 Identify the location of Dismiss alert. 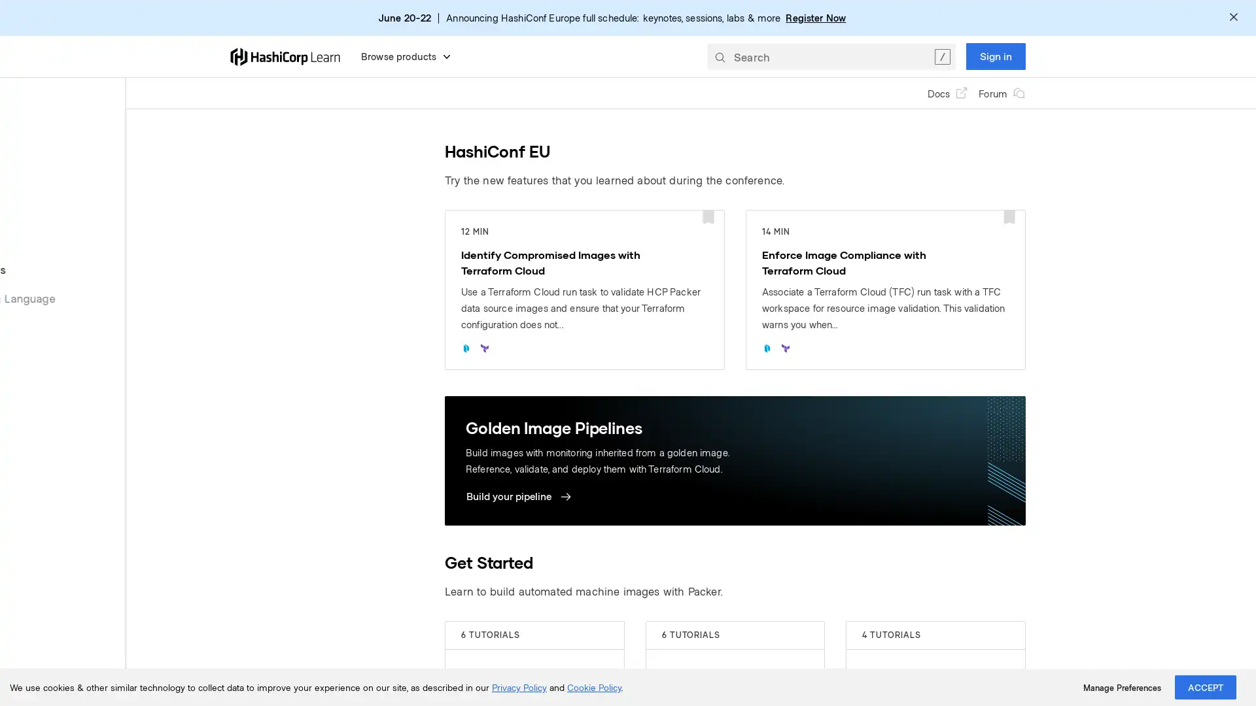
(1233, 18).